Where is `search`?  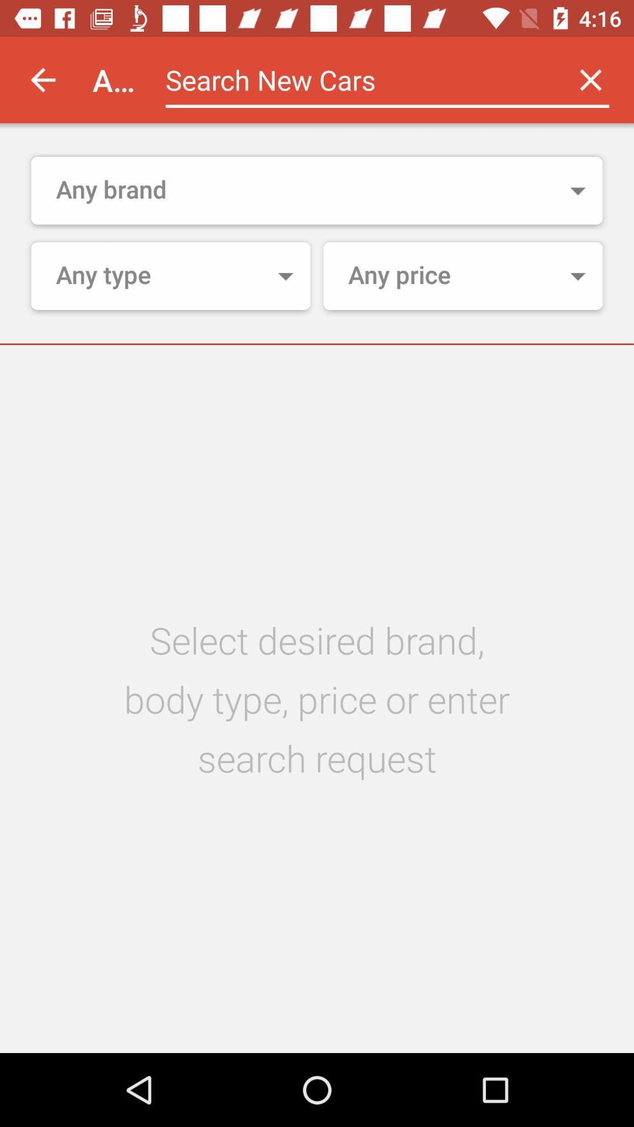
search is located at coordinates (356, 79).